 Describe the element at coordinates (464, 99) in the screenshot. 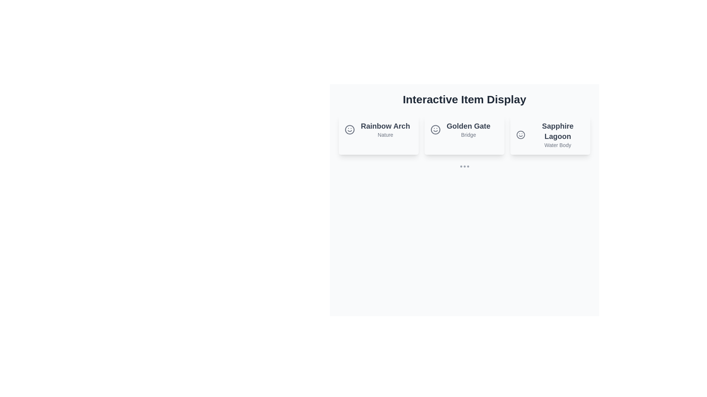

I see `information from the Header or Title Text located at the top-center of the section, above the grid of interactive cards` at that location.